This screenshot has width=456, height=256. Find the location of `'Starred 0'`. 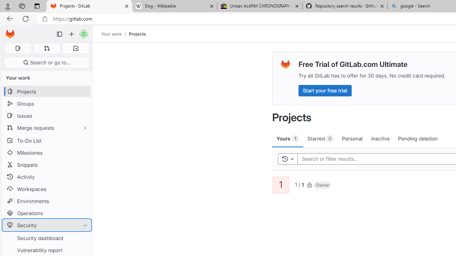

'Starred 0' is located at coordinates (320, 138).